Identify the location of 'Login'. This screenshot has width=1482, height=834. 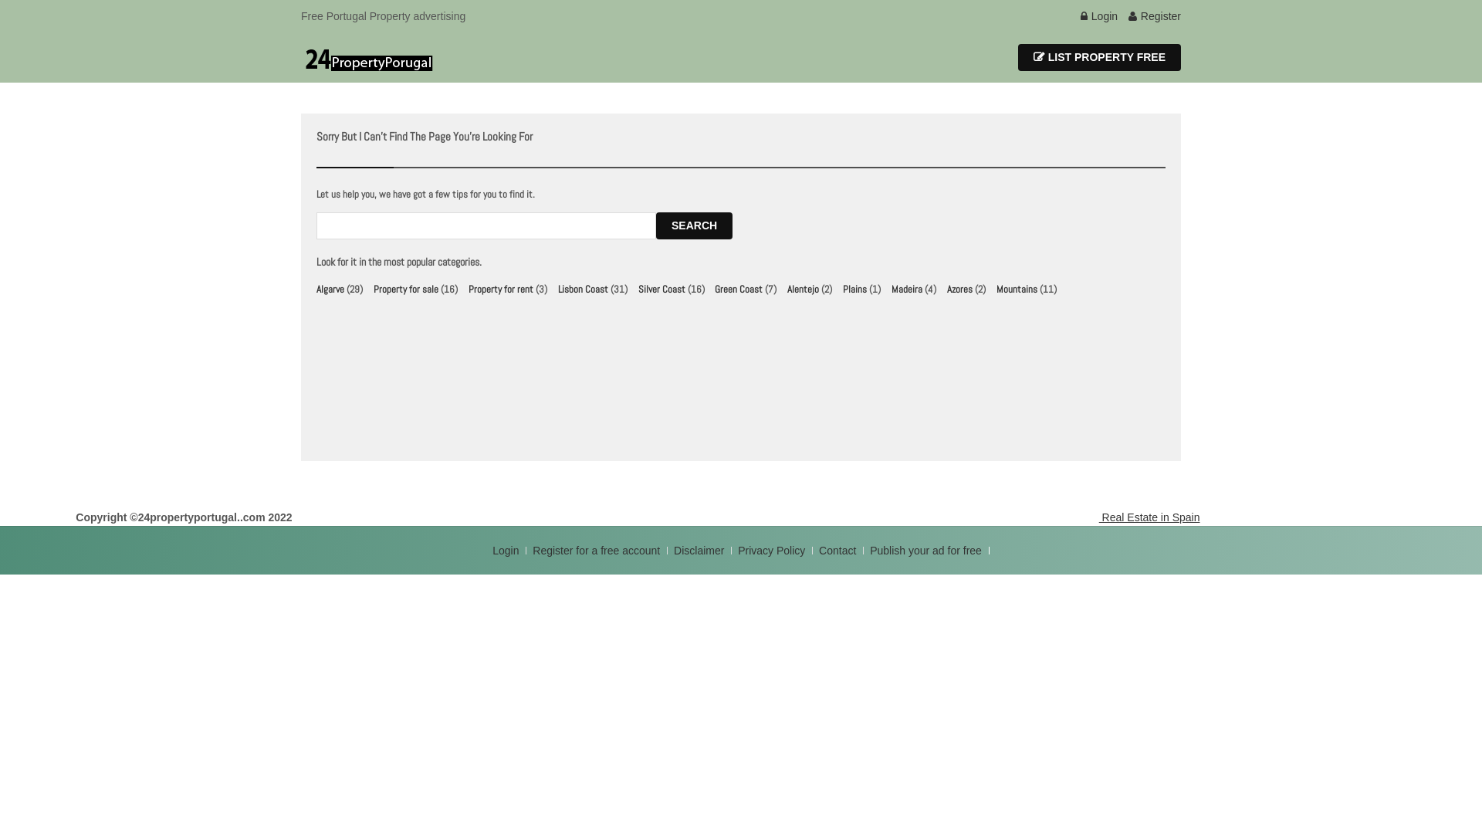
(1080, 15).